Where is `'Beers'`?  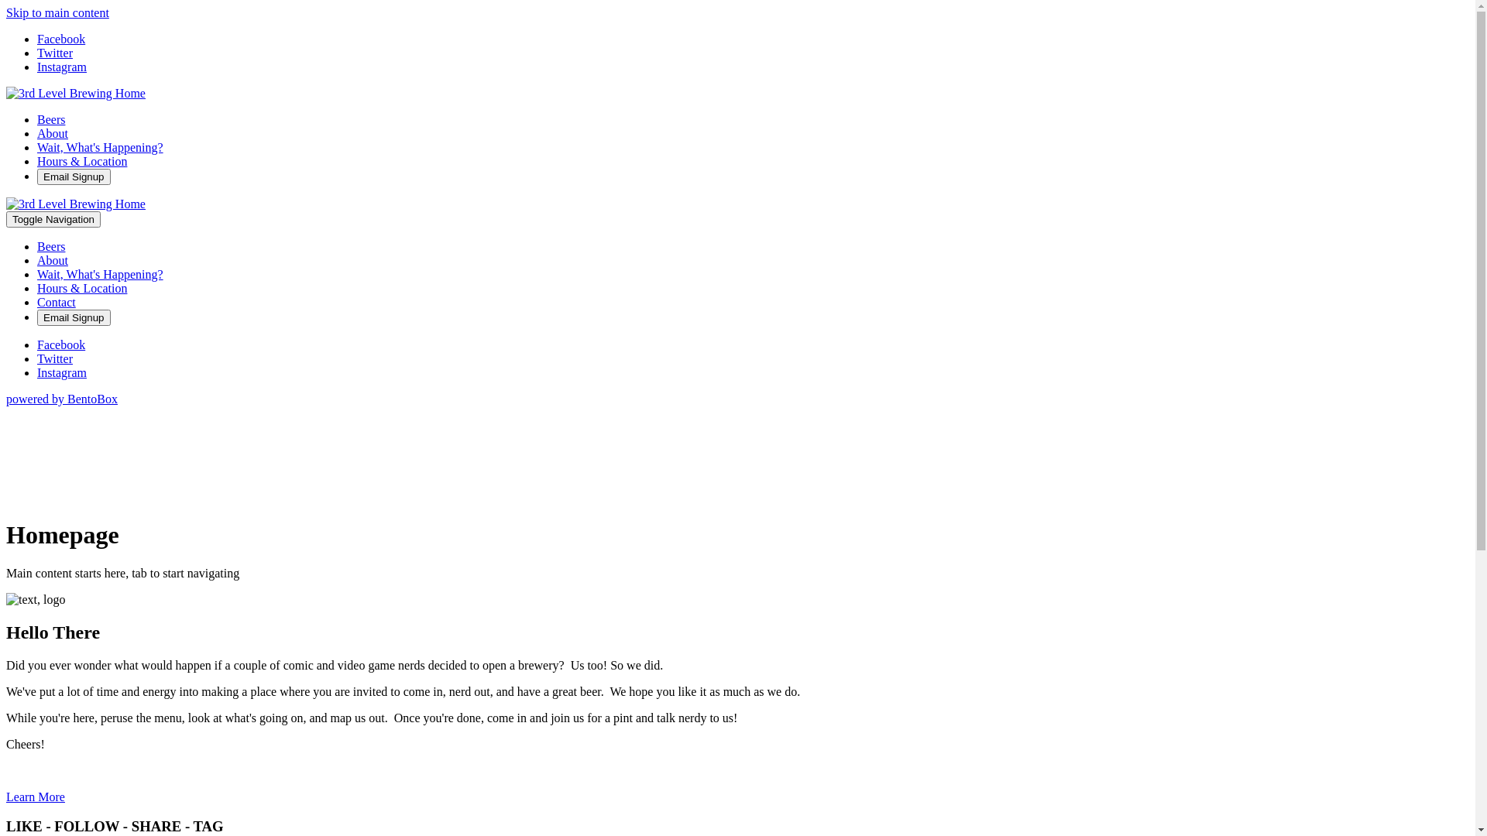 'Beers' is located at coordinates (37, 245).